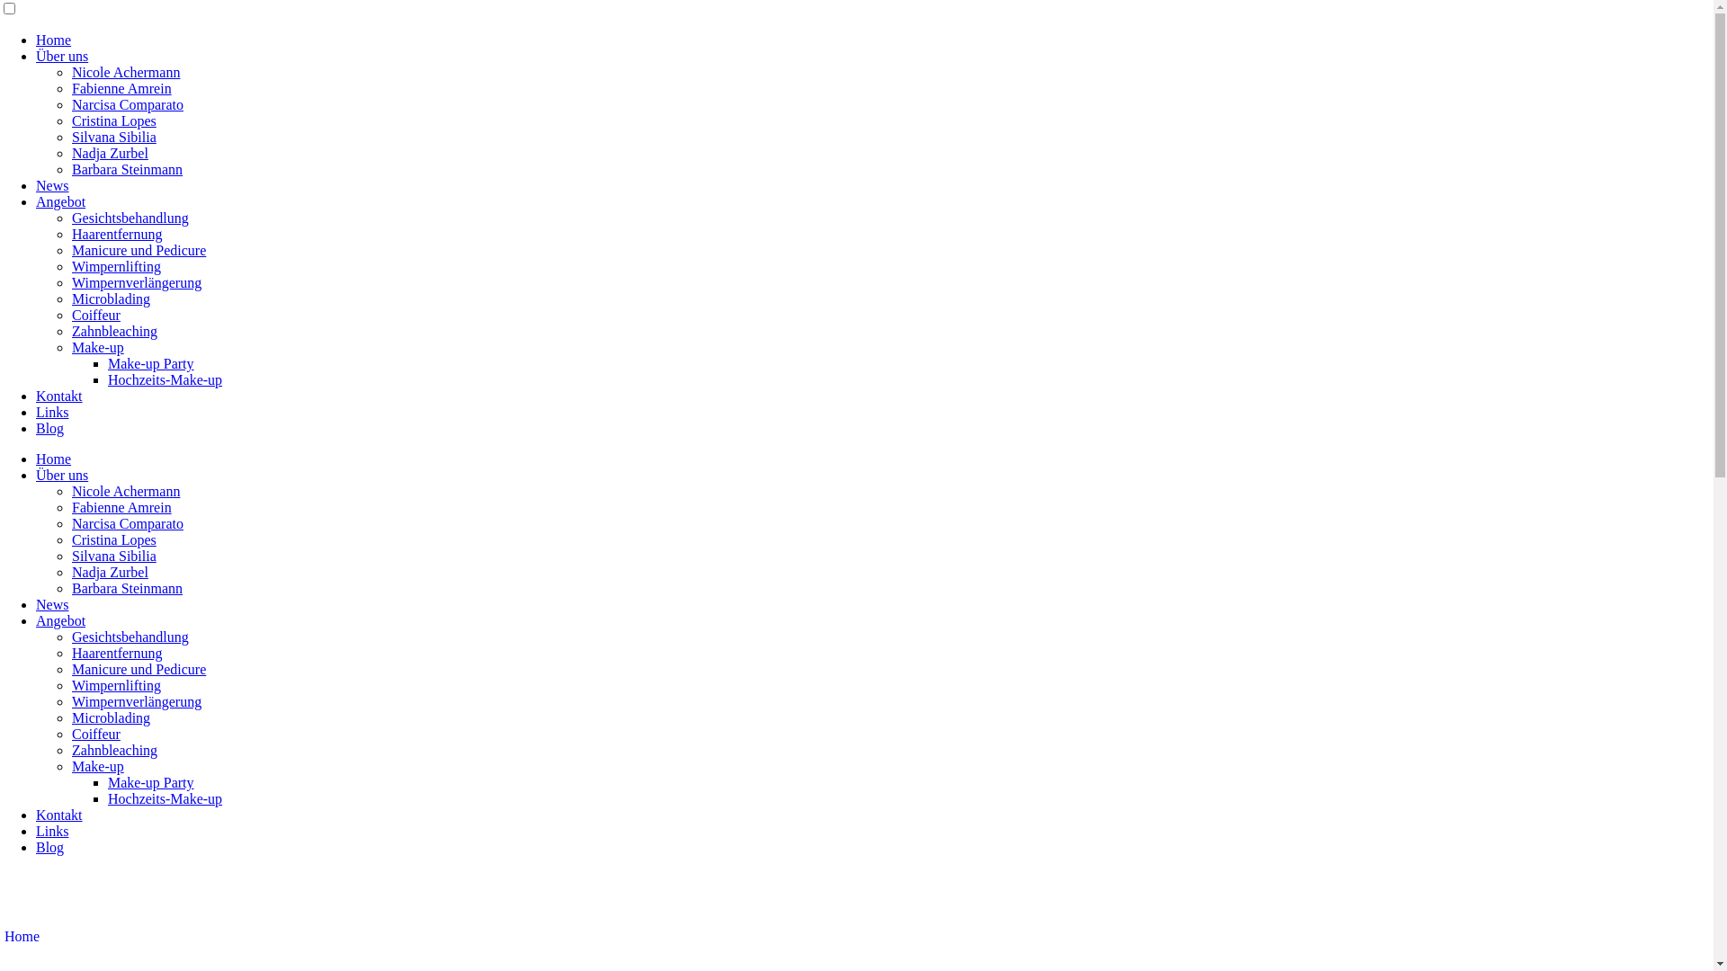  What do you see at coordinates (115, 685) in the screenshot?
I see `'Wimpernlifting'` at bounding box center [115, 685].